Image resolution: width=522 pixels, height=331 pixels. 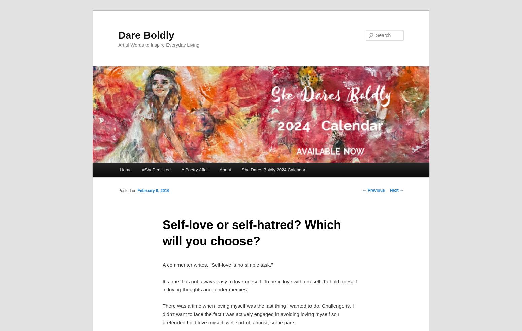 I want to click on 'A commenter writes, “Self-love is no simple task.”', so click(x=162, y=265).